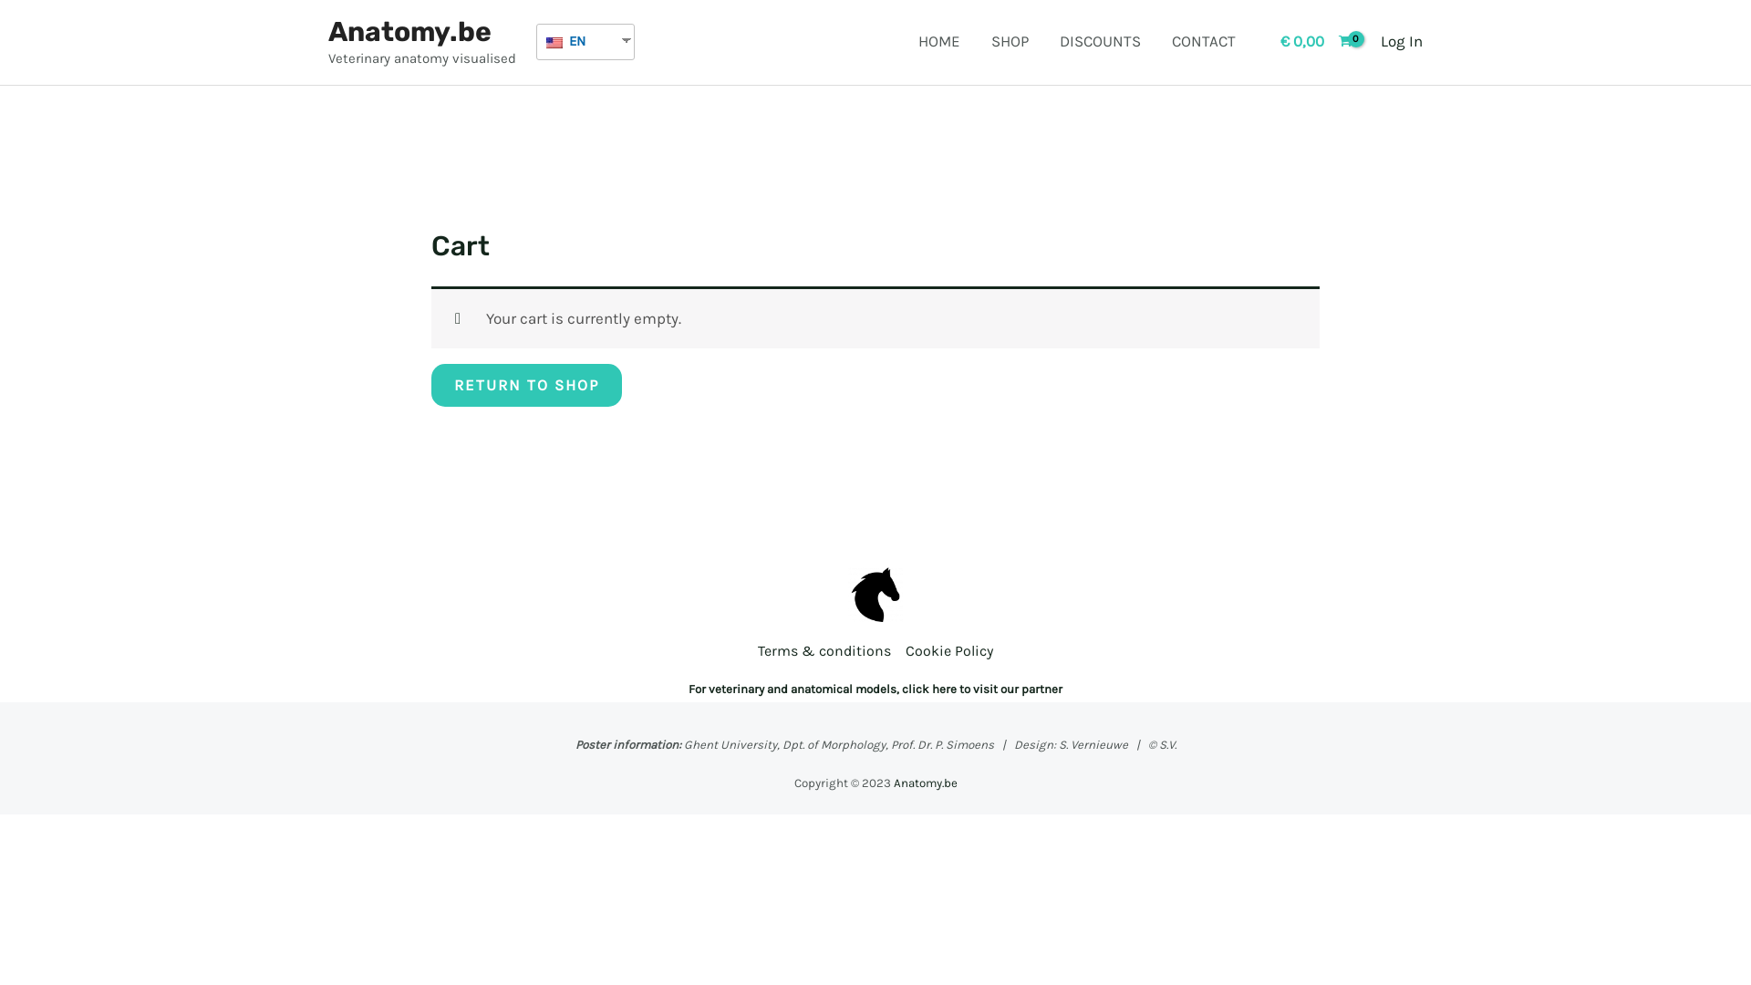 This screenshot has width=1751, height=985. What do you see at coordinates (577, 41) in the screenshot?
I see `'EN'` at bounding box center [577, 41].